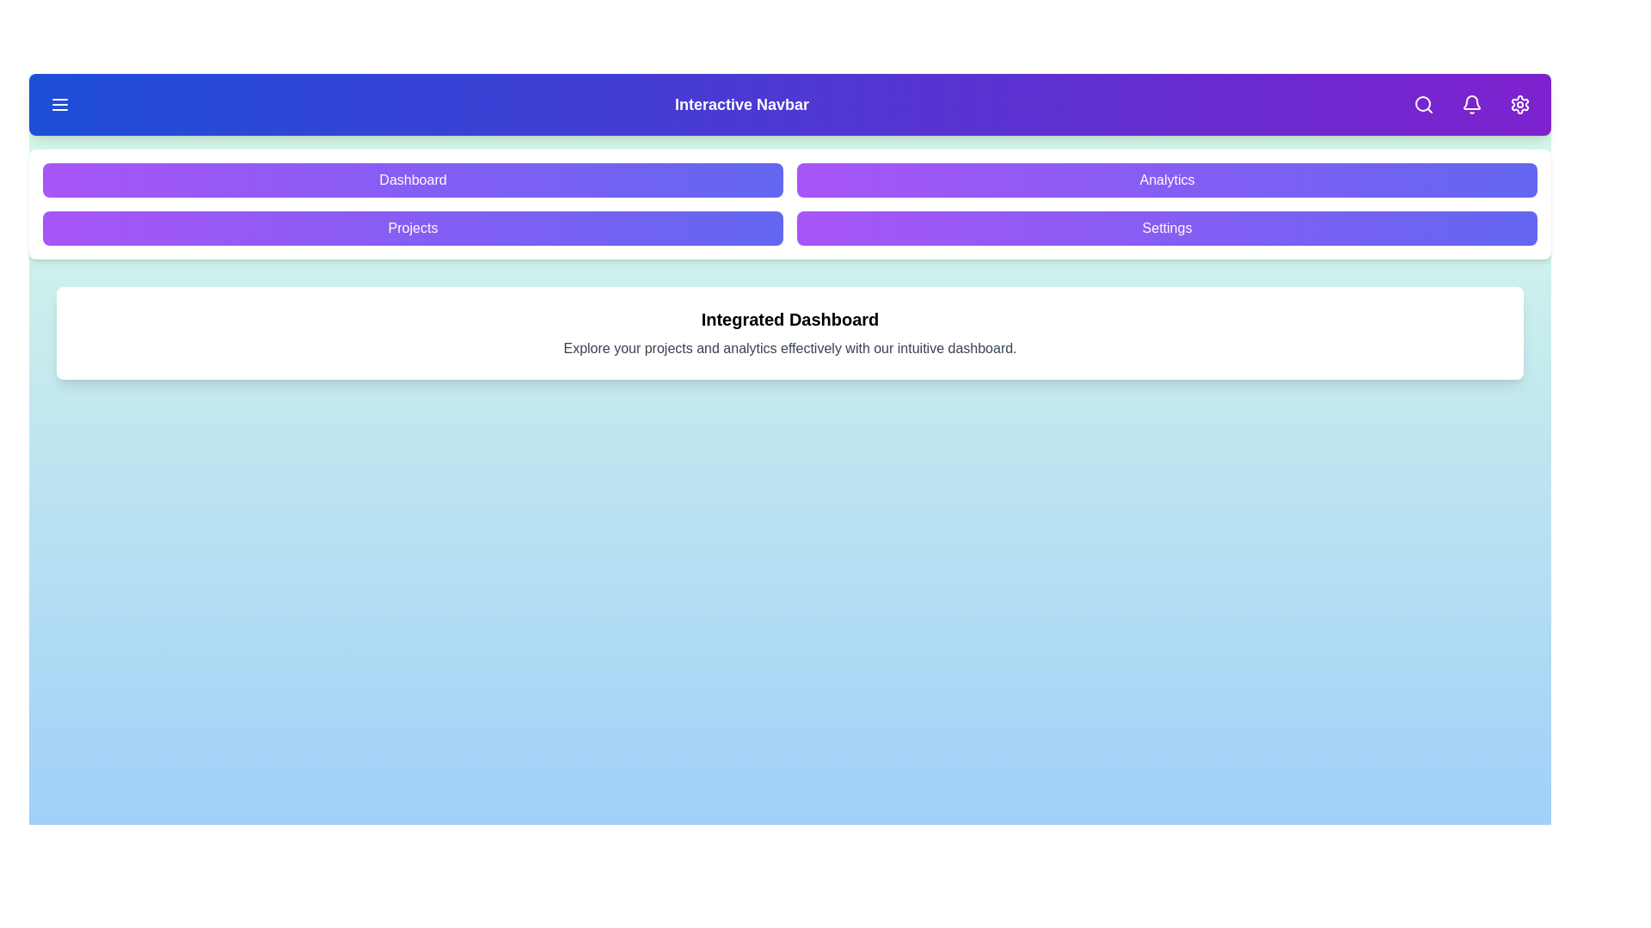 The height and width of the screenshot is (928, 1651). What do you see at coordinates (1167, 180) in the screenshot?
I see `the 'Analytics' button` at bounding box center [1167, 180].